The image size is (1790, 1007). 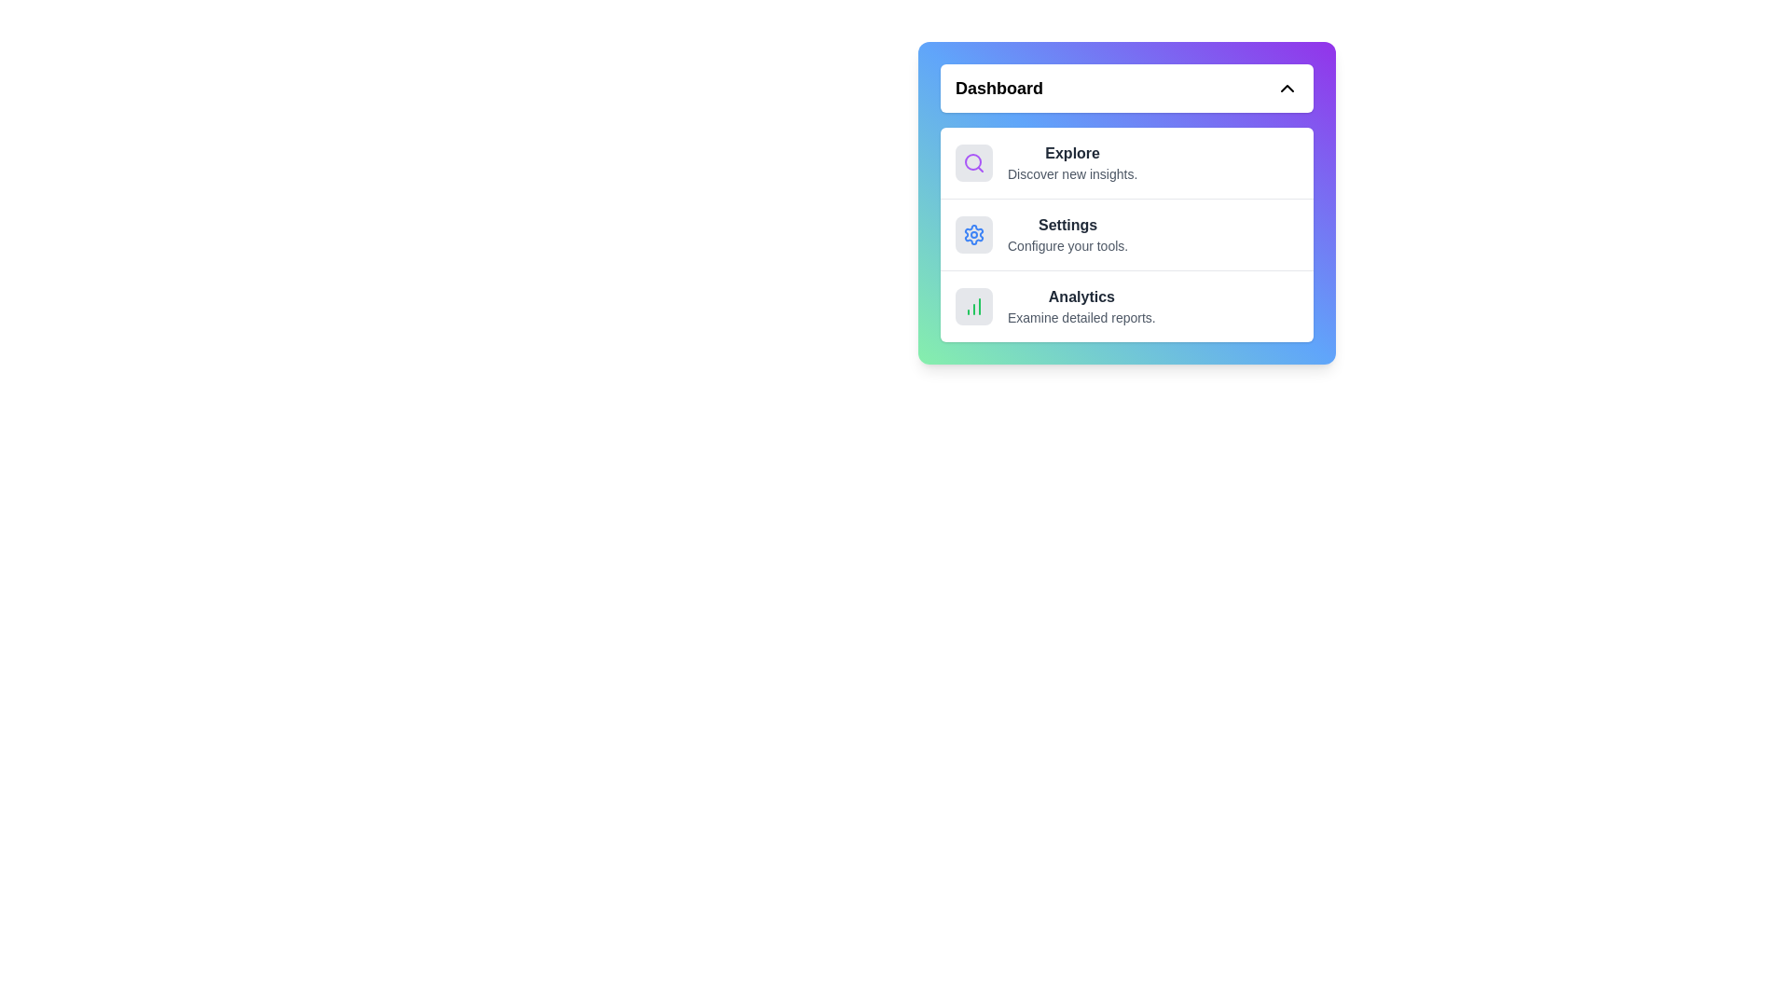 I want to click on the icon corresponding to the menu item Settings, so click(x=973, y=233).